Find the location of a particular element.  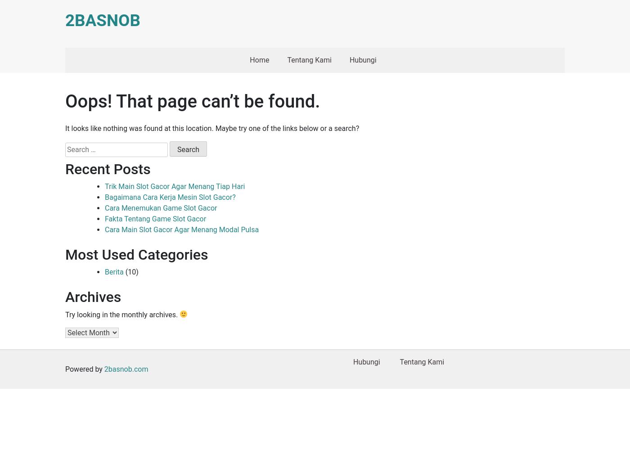

'Try looking in the monthly archives.' is located at coordinates (65, 314).